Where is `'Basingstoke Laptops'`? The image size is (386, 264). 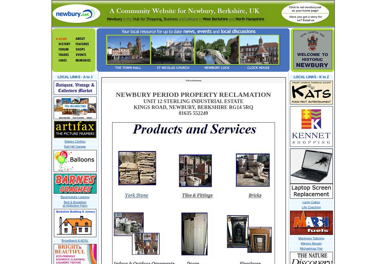 'Basingstoke Laptops' is located at coordinates (60, 197).